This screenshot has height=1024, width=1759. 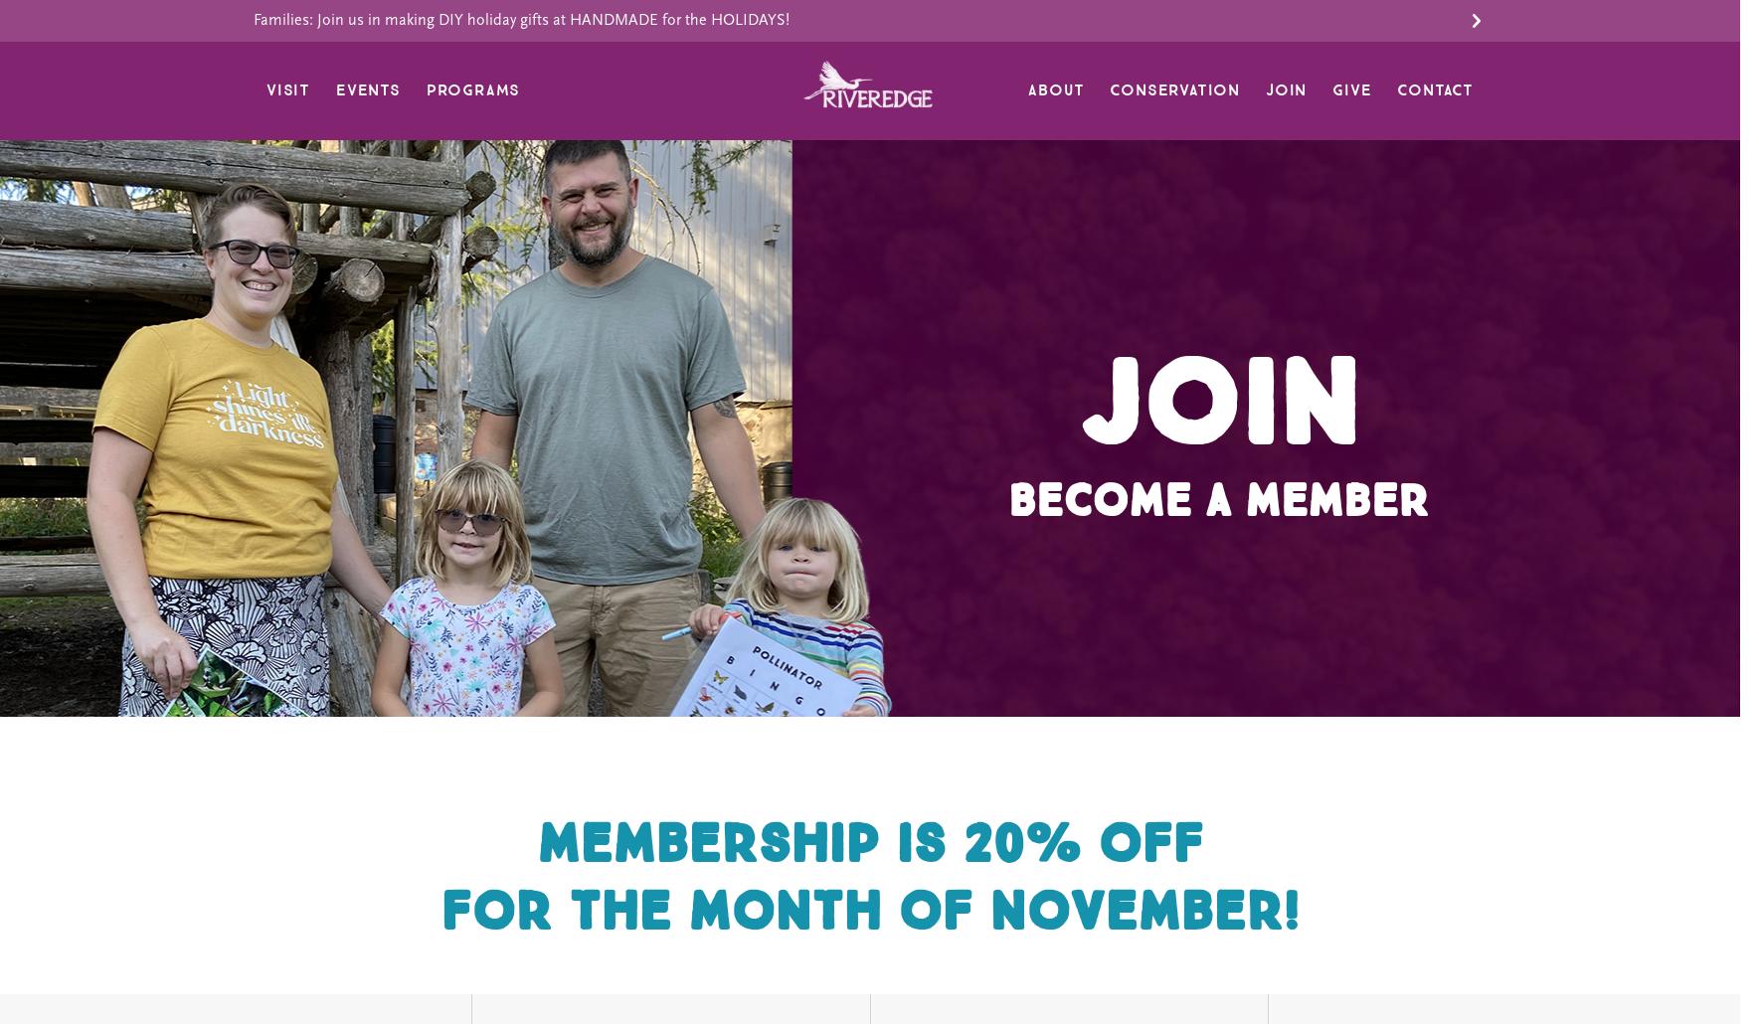 What do you see at coordinates (520, 21) in the screenshot?
I see `'Families: Join us in making DIY holiday gifts at HANDMADE for the HOLIDAYS!'` at bounding box center [520, 21].